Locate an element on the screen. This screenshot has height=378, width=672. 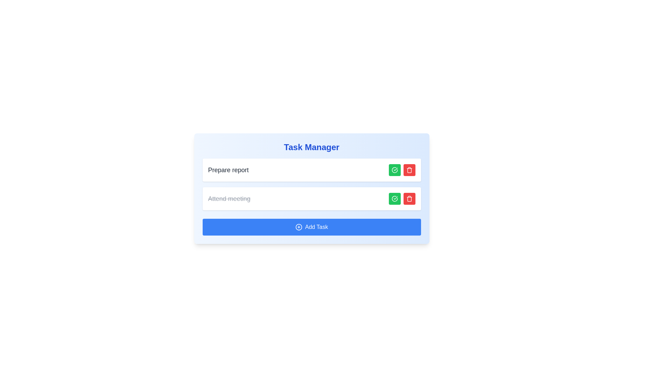
the delete button positioned to the right of the green button, which removes the task associated with it from the task list is located at coordinates (409, 198).